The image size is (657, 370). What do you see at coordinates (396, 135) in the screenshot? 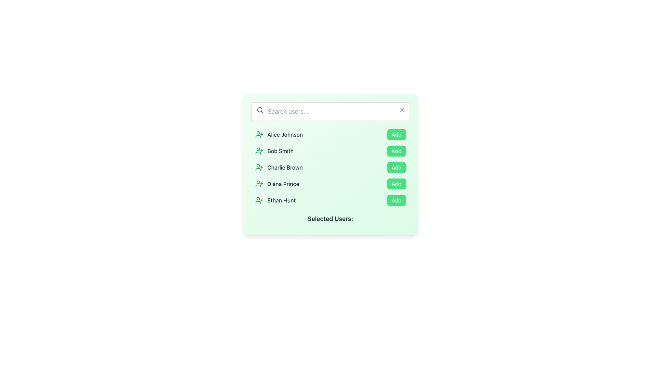
I see `the 'Add' button with a green background located at the far right of the row containing the user's name 'Alice Johnson'` at bounding box center [396, 135].